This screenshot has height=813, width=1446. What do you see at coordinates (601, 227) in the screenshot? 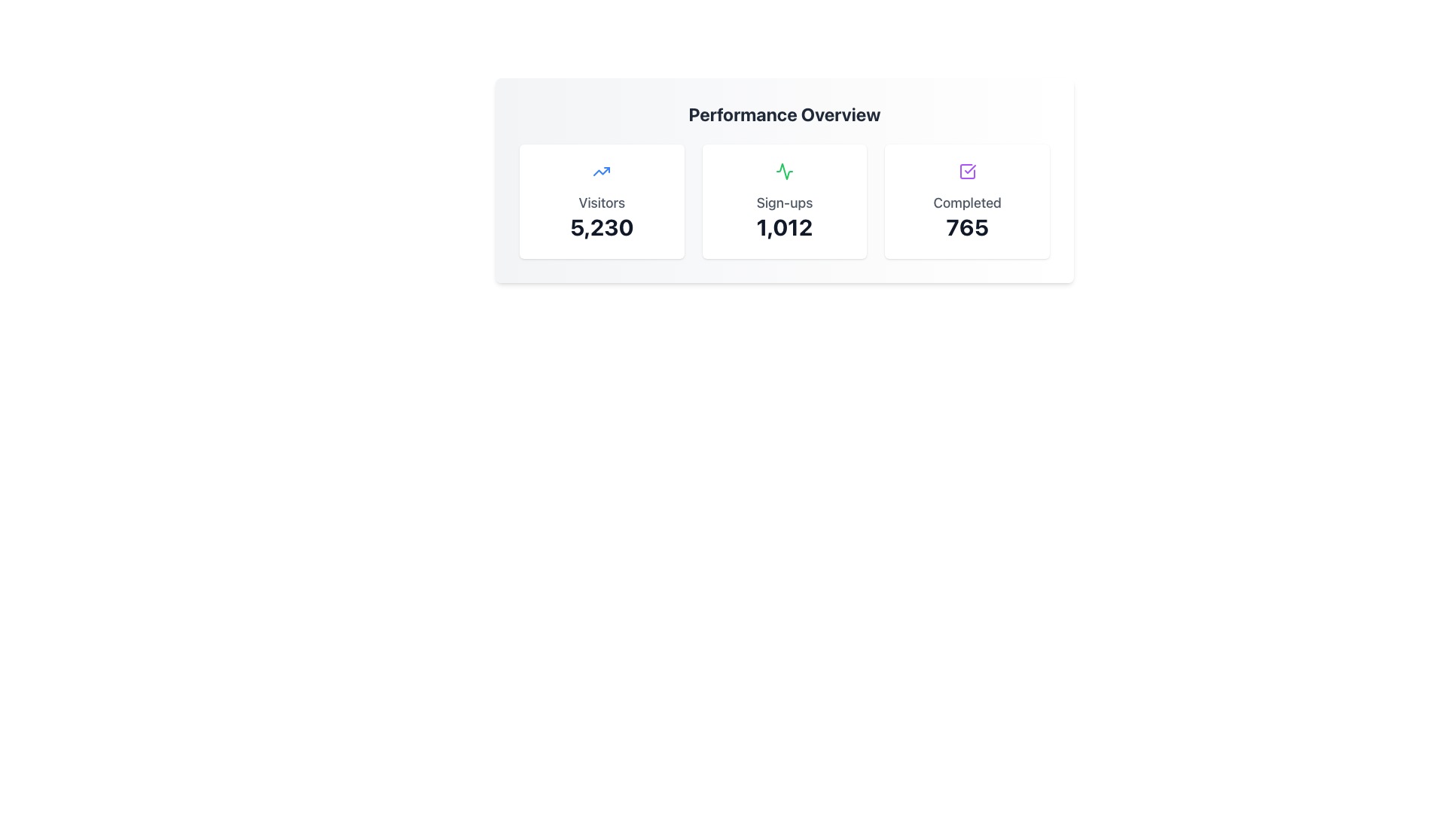
I see `the Text Display element that shows the number of visitors, located below the 'Visitors' label in the leftmost panel` at bounding box center [601, 227].